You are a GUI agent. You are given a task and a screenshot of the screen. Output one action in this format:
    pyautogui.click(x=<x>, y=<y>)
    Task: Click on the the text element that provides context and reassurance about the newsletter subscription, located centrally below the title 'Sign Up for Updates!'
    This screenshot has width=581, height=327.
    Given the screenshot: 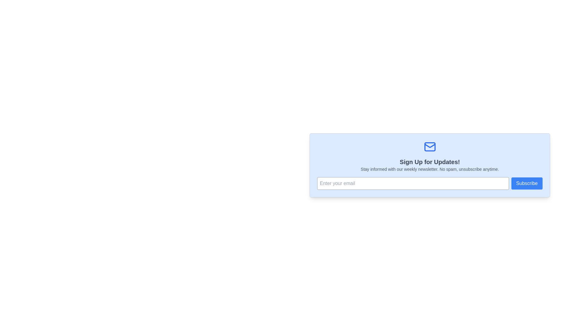 What is the action you would take?
    pyautogui.click(x=429, y=169)
    